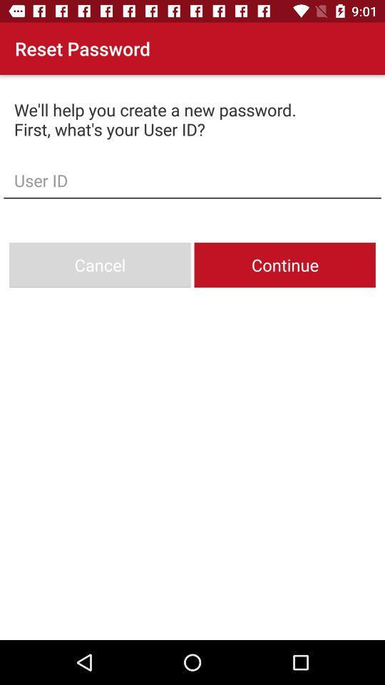 The height and width of the screenshot is (685, 385). I want to click on cancel icon, so click(99, 264).